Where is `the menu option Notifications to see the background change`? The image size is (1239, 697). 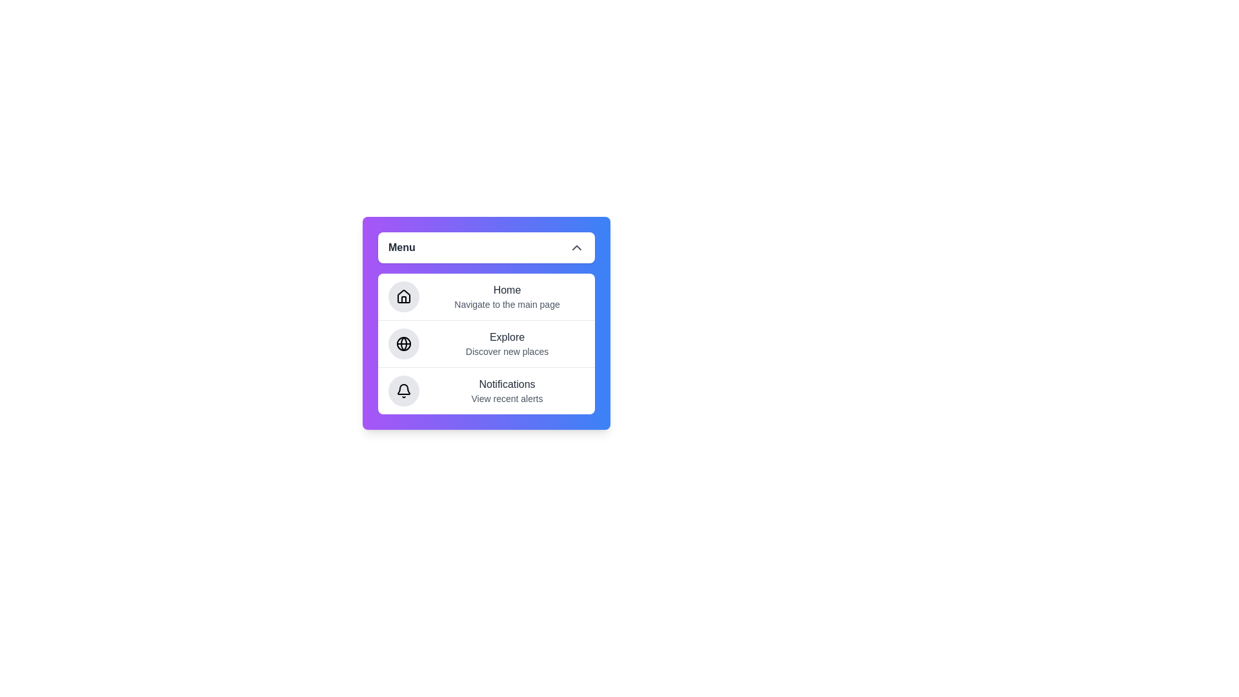 the menu option Notifications to see the background change is located at coordinates (485, 390).